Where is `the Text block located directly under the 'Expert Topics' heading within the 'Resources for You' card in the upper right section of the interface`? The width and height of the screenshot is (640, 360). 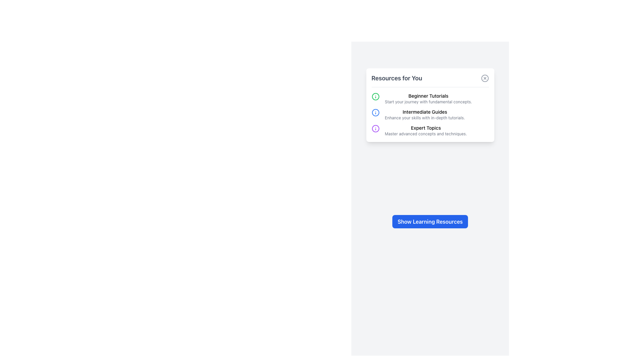
the Text block located directly under the 'Expert Topics' heading within the 'Resources for You' card in the upper right section of the interface is located at coordinates (425, 134).